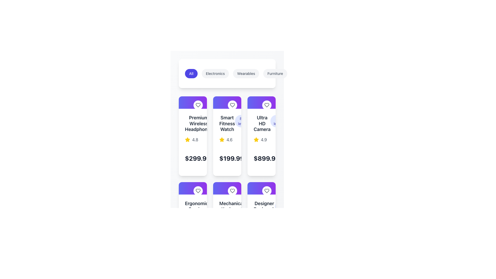 The image size is (496, 279). Describe the element at coordinates (227, 158) in the screenshot. I see `the price Text label located below the star rating and product title 'Smart Fitness Watch', which is centered horizontally in the card structure` at that location.